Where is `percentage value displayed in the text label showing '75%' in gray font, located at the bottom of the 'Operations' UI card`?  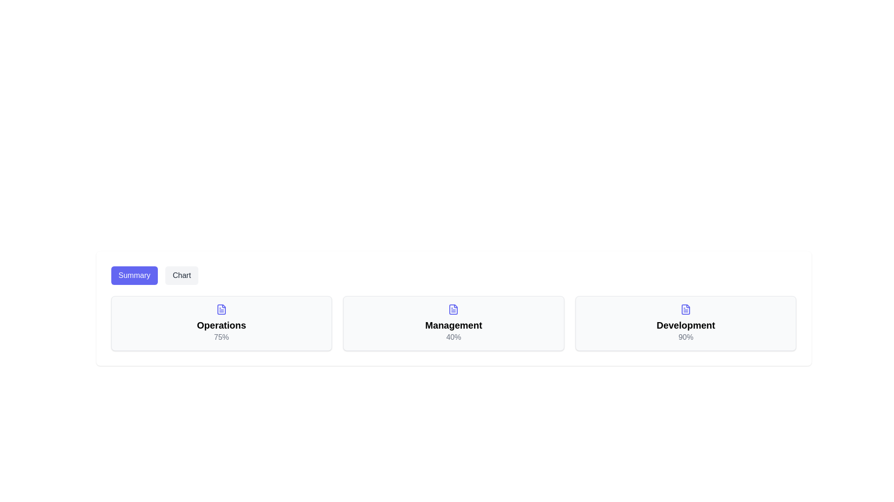
percentage value displayed in the text label showing '75%' in gray font, located at the bottom of the 'Operations' UI card is located at coordinates (221, 337).